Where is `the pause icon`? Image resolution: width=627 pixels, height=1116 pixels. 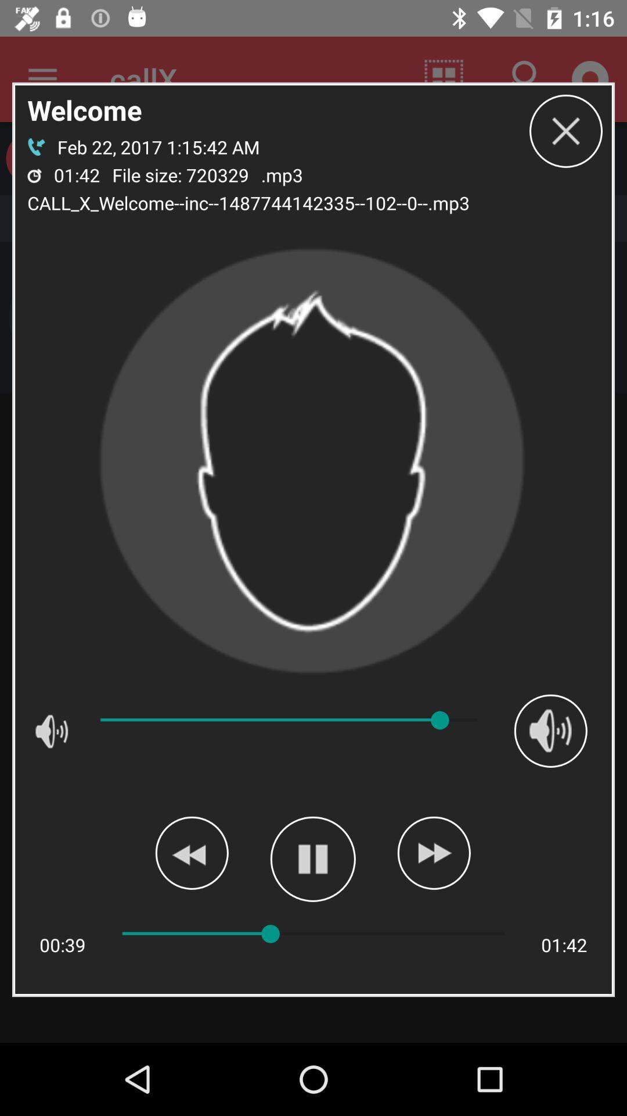 the pause icon is located at coordinates (312, 859).